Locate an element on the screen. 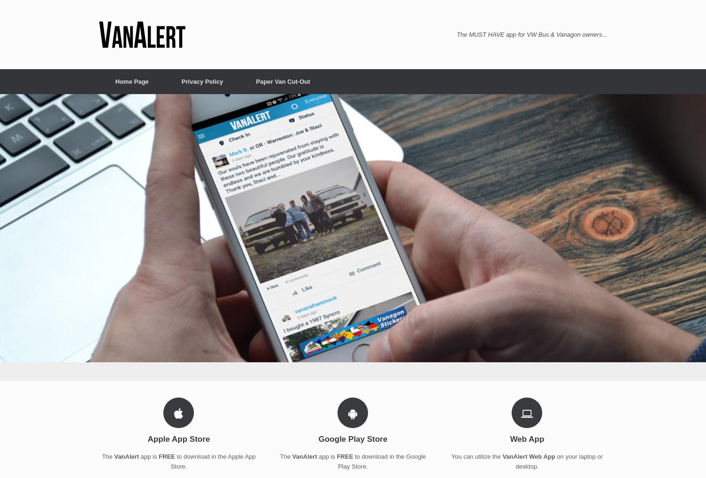 The width and height of the screenshot is (706, 478). 'Privacy Policy' is located at coordinates (181, 81).